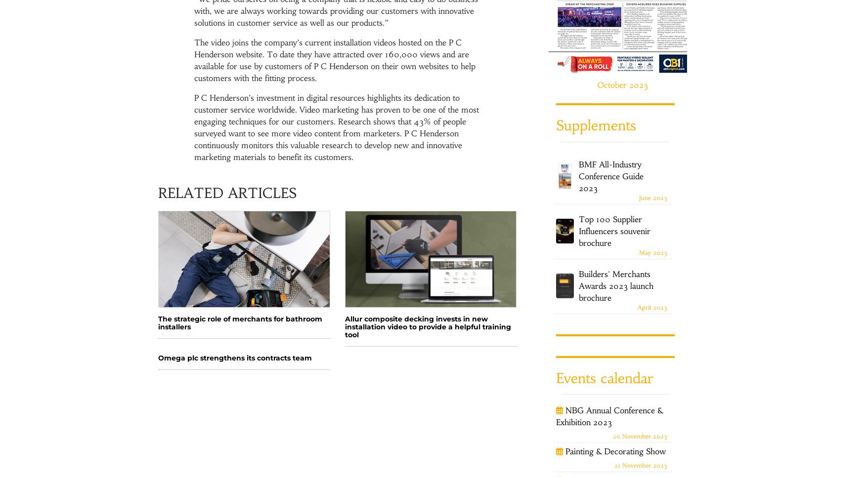 The height and width of the screenshot is (477, 865). I want to click on 'Events calendar', so click(605, 377).